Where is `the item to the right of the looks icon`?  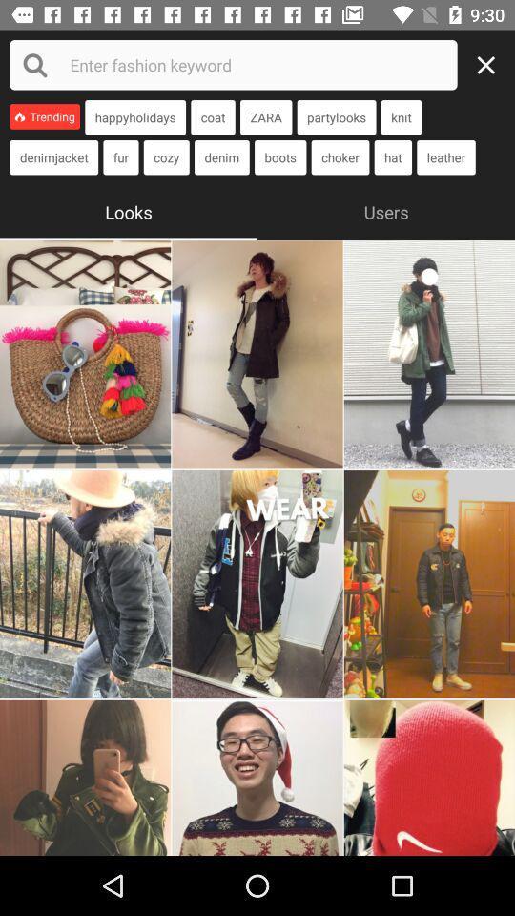 the item to the right of the looks icon is located at coordinates (386, 210).